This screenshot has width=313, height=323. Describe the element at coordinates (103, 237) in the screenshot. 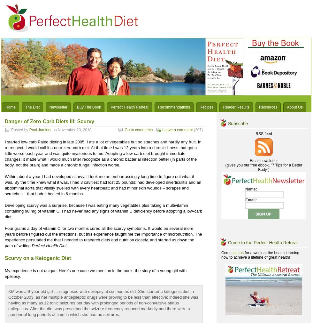

I see `'Four grams a day of vitamin C for two months cured all the scurvy symptoms. It would be several more years before I figured out the infections, but this experience taught me the importance of micronutrition. The experience persuaded me that I needed to research diets and nutrition closely, and started us down the path of writing'` at that location.